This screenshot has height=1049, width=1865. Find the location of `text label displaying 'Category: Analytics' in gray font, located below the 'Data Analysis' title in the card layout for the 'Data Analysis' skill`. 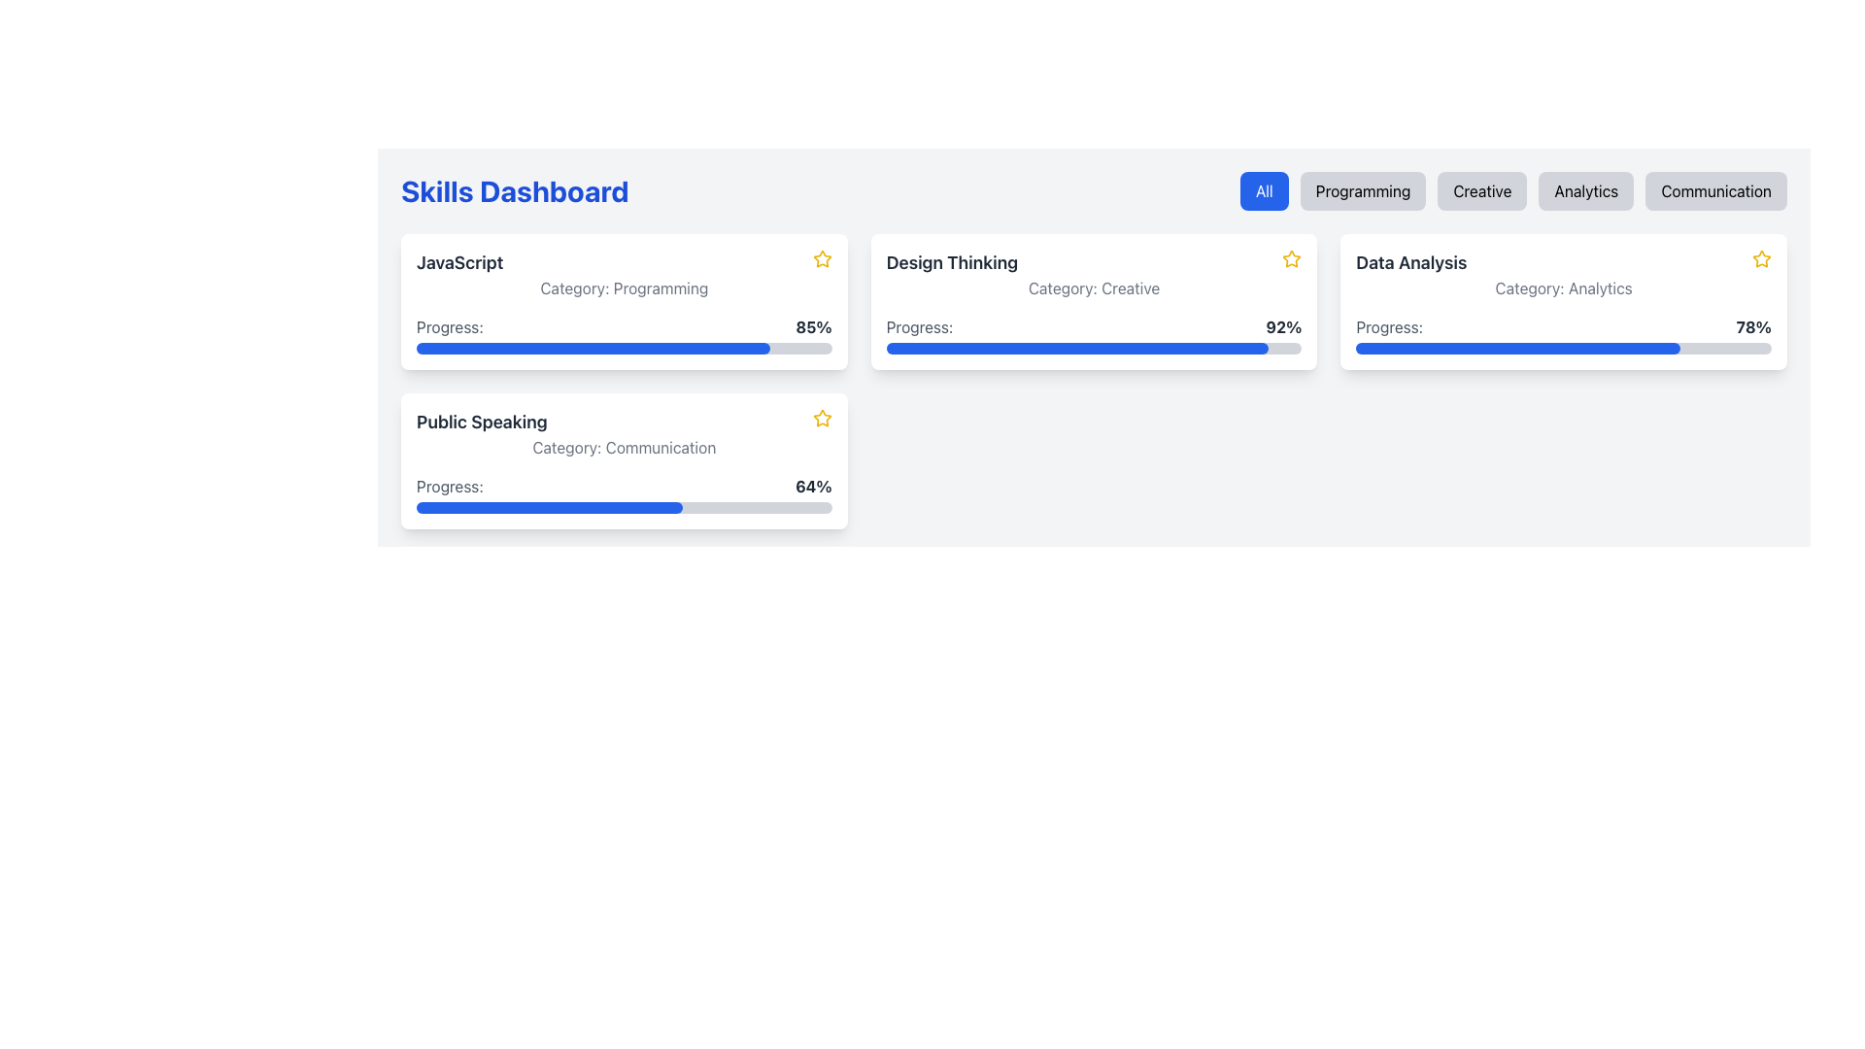

text label displaying 'Category: Analytics' in gray font, located below the 'Data Analysis' title in the card layout for the 'Data Analysis' skill is located at coordinates (1564, 288).